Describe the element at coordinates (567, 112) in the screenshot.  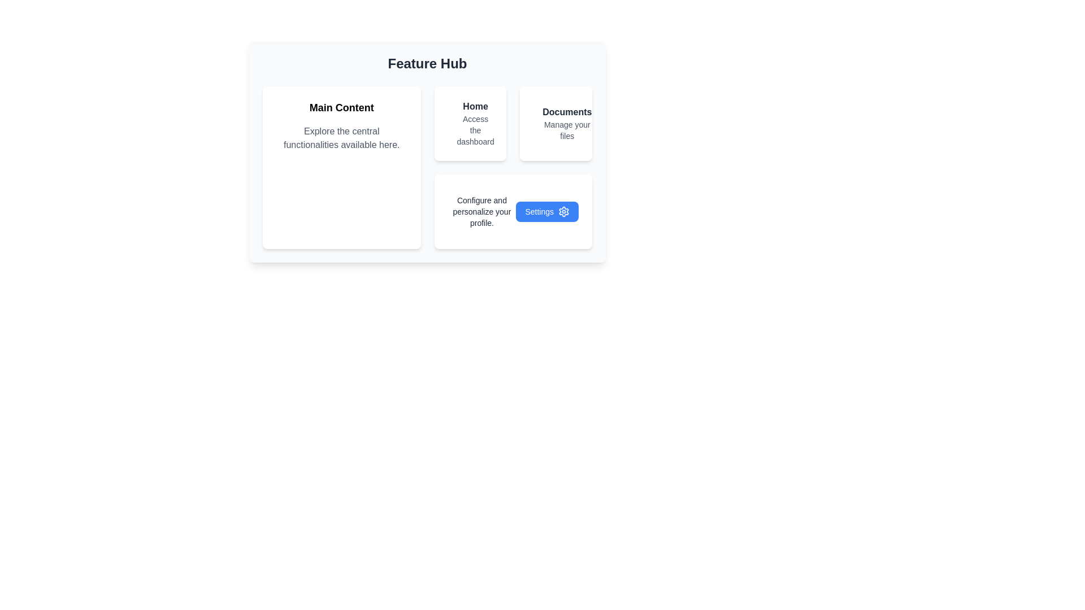
I see `the interactive card containing the text label that indicates the purpose of the document management section, located at the top-right of the layout` at that location.